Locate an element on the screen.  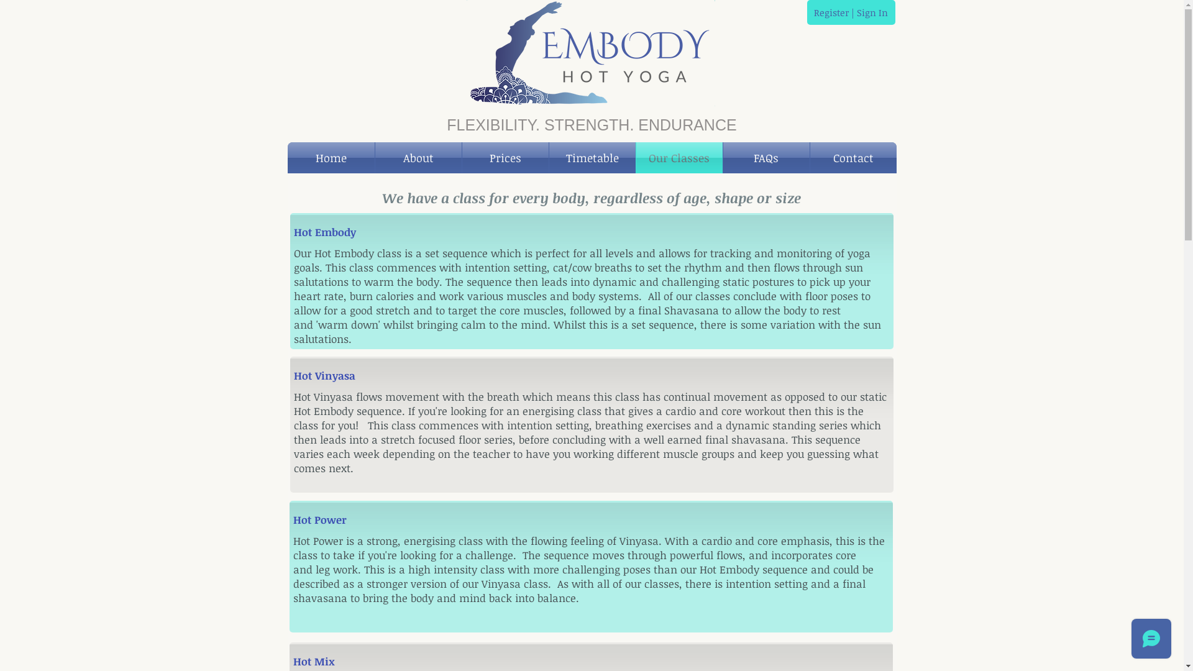
'Home' is located at coordinates (286, 157).